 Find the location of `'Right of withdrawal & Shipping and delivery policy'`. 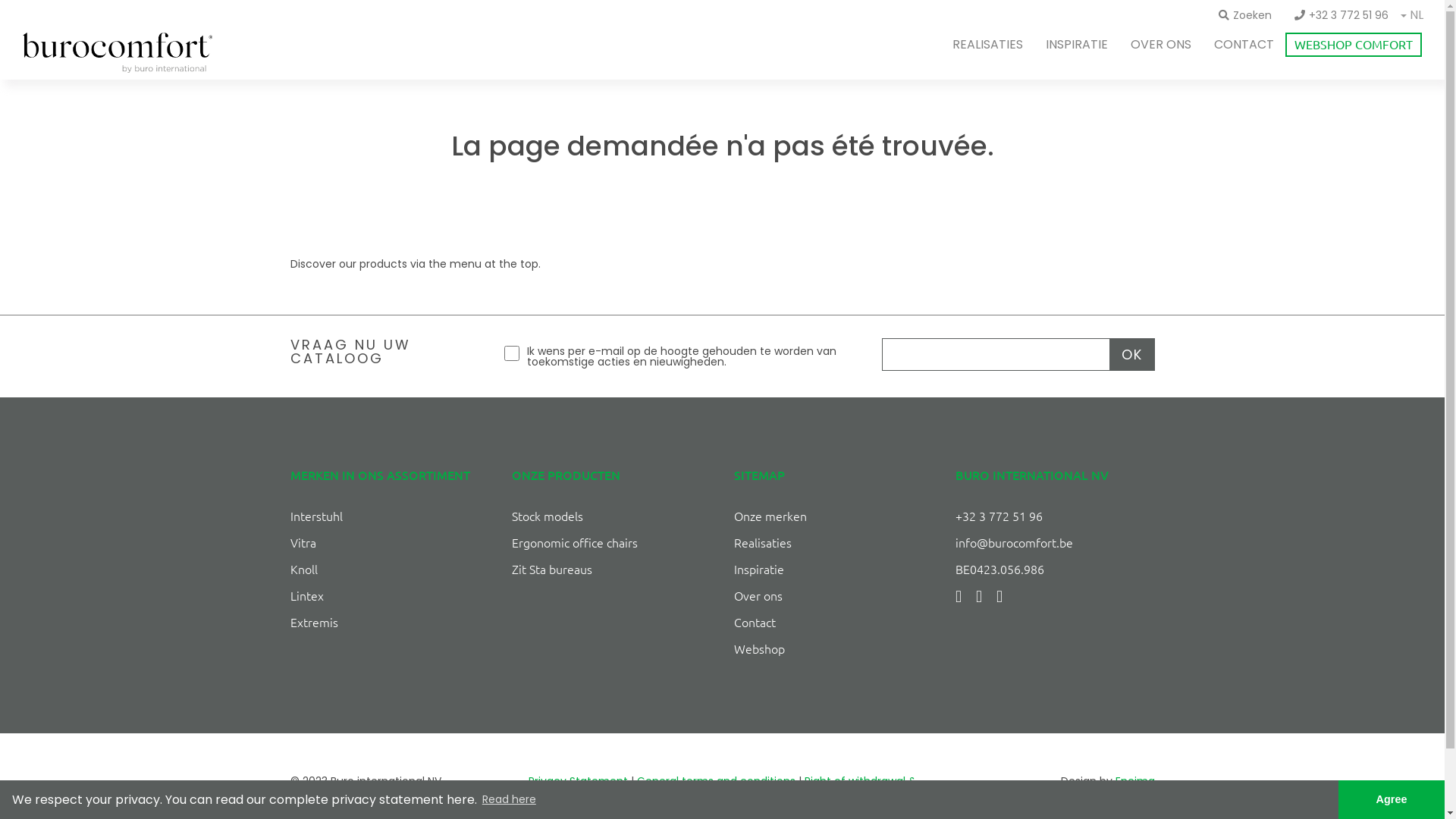

'Right of withdrawal & Shipping and delivery policy' is located at coordinates (781, 790).